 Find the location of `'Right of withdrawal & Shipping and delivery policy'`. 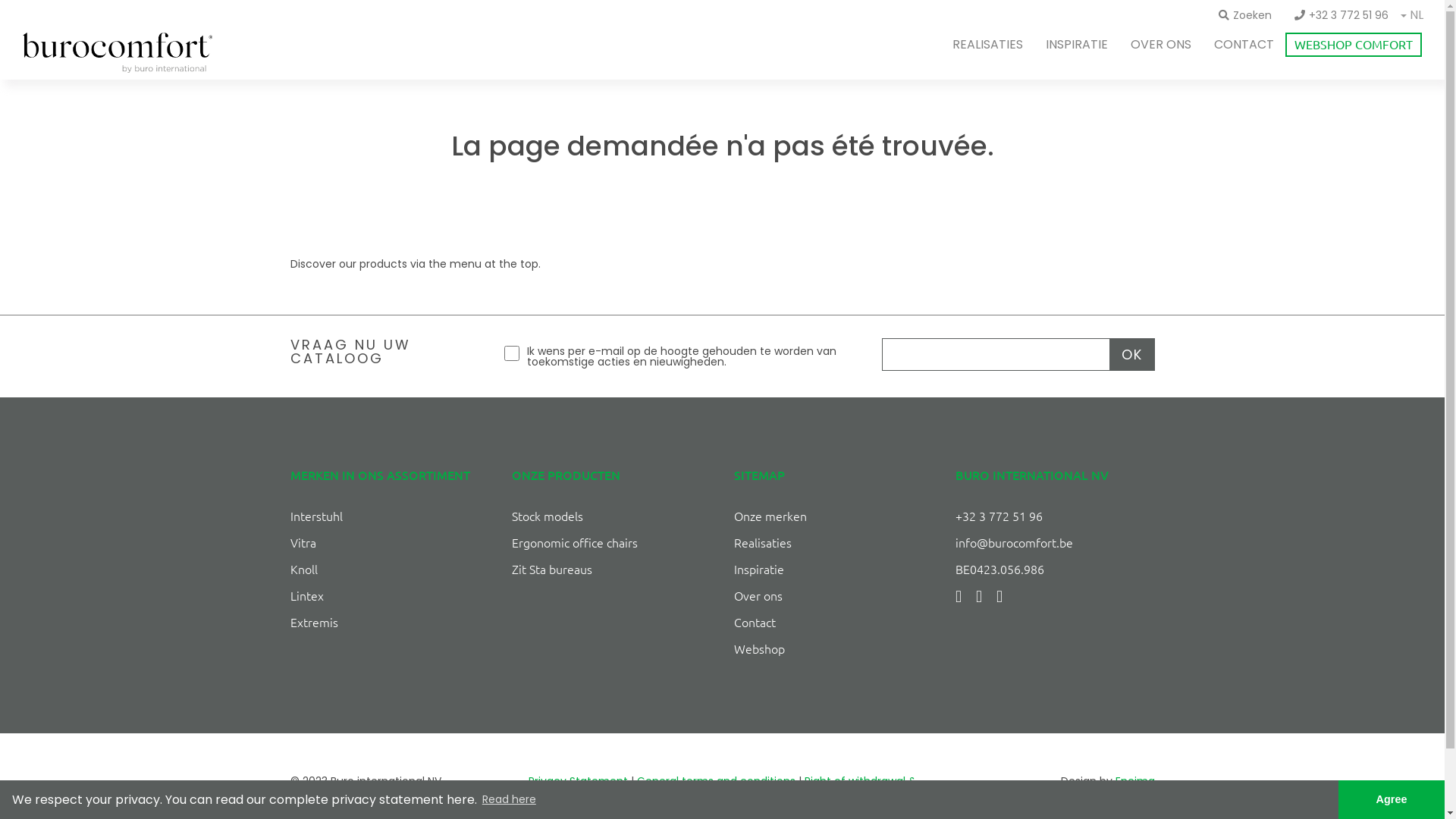

'Right of withdrawal & Shipping and delivery policy' is located at coordinates (781, 790).